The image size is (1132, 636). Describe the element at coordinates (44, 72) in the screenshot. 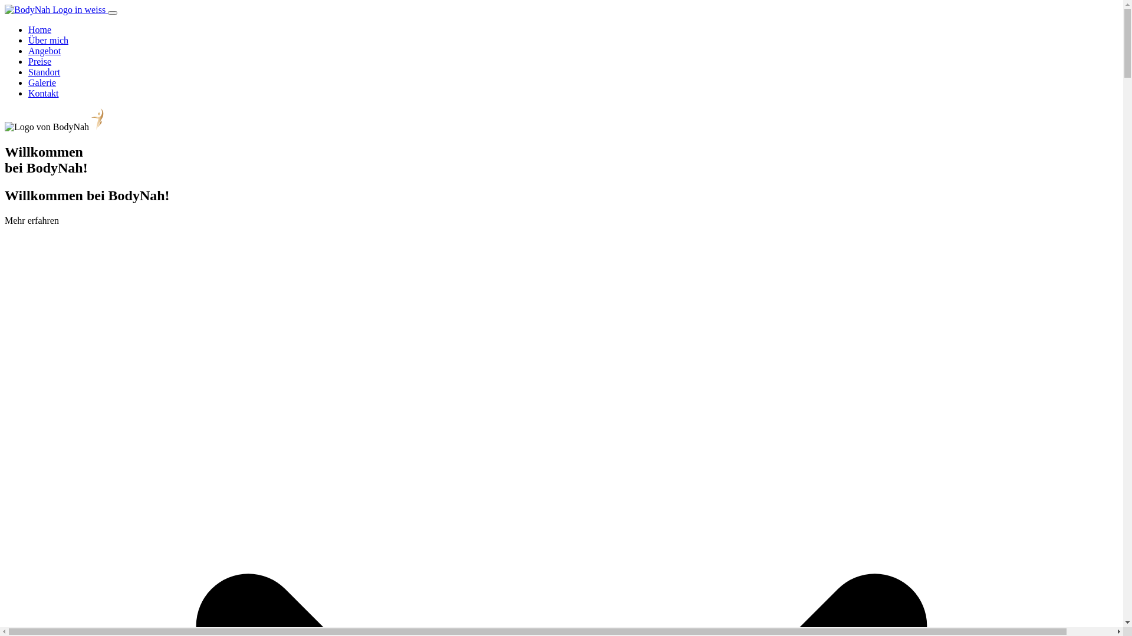

I see `'Standort'` at that location.